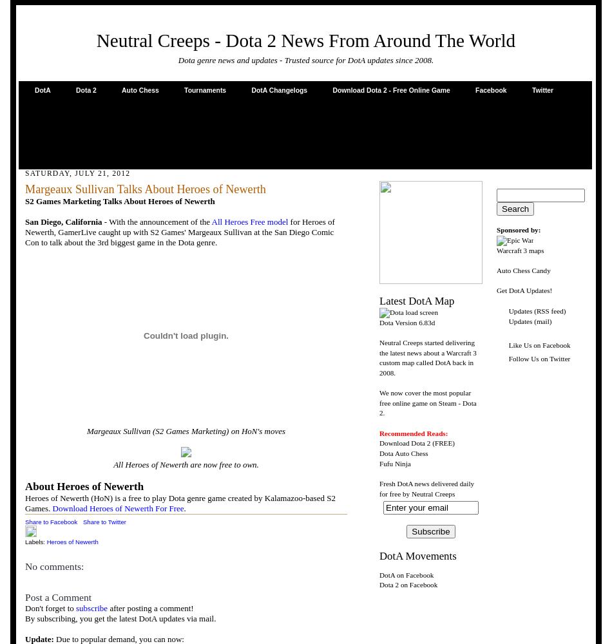 The width and height of the screenshot is (612, 644). What do you see at coordinates (140, 90) in the screenshot?
I see `'Auto Chess'` at bounding box center [140, 90].